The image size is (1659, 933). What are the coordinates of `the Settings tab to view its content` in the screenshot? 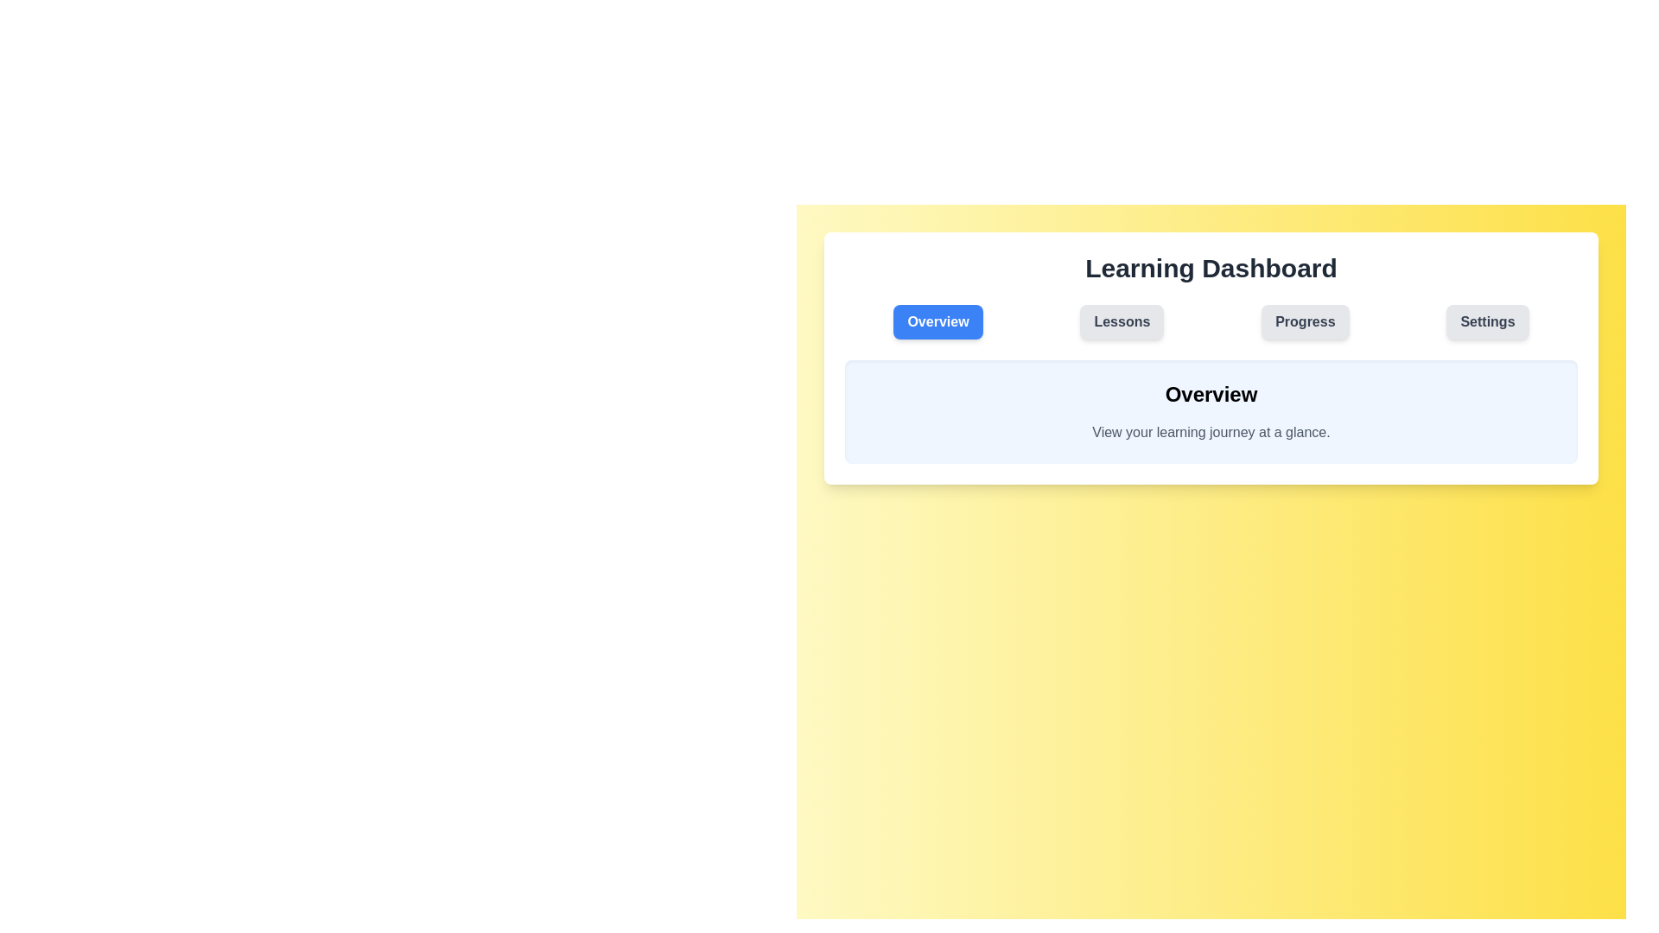 It's located at (1487, 322).